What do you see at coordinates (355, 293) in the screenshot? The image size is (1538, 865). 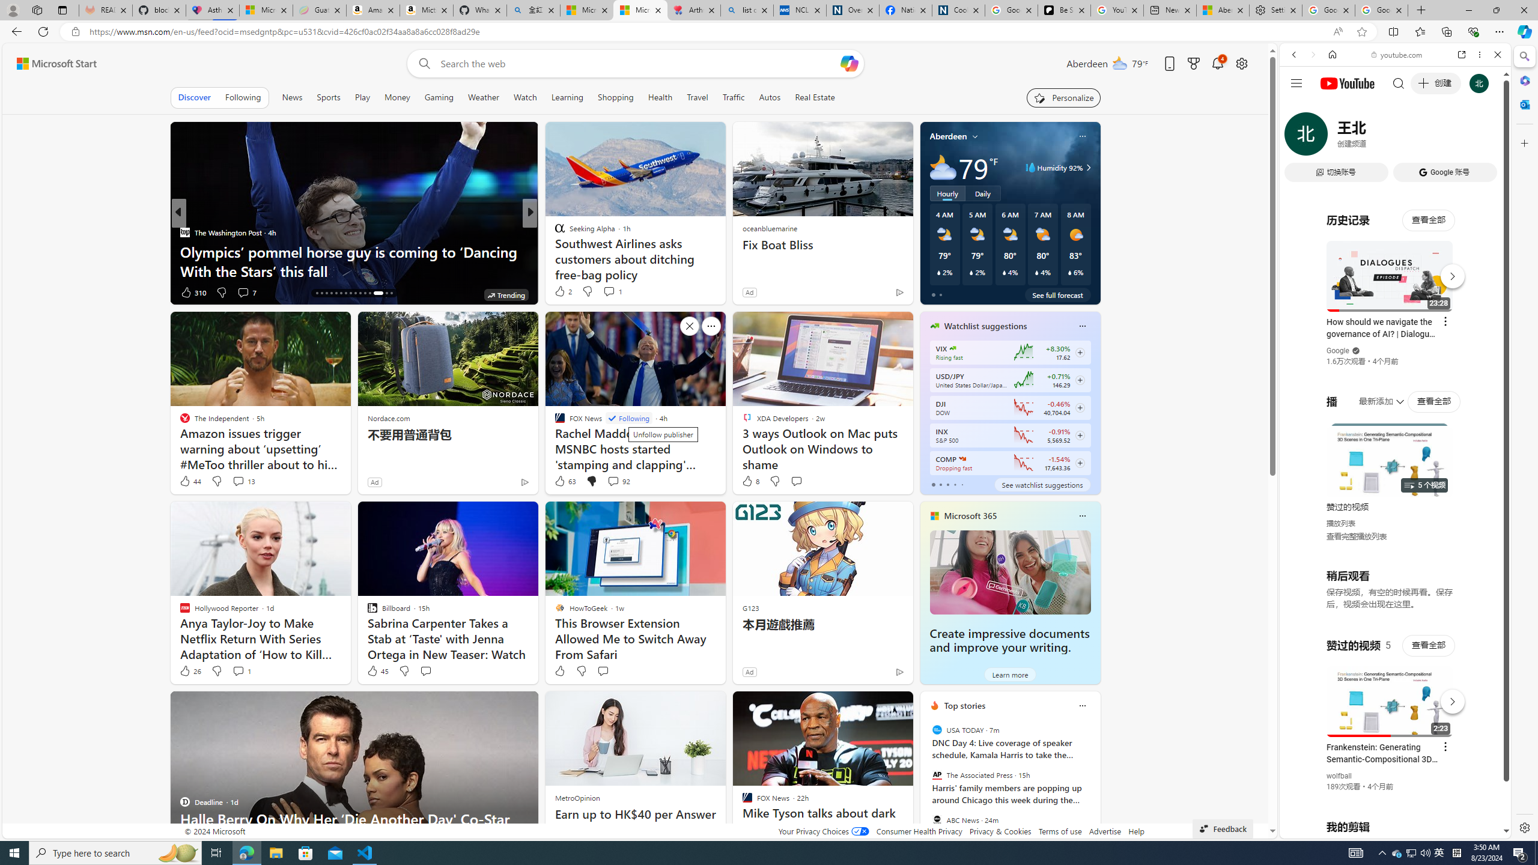 I see `'AutomationID: tab-24'` at bounding box center [355, 293].